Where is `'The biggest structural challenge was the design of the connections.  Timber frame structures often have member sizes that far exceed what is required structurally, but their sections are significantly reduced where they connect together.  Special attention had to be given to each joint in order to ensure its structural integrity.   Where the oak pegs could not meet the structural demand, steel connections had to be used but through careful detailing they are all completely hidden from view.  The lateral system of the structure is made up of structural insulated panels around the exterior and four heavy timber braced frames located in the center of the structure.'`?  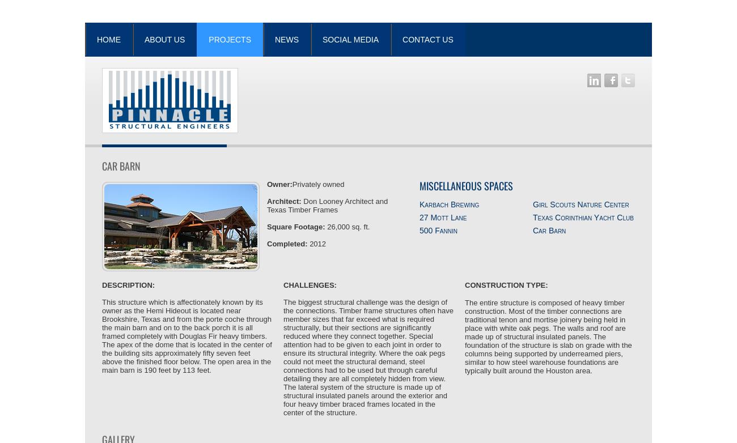
'The biggest structural challenge was the design of the connections.  Timber frame structures often have member sizes that far exceed what is required structurally, but their sections are significantly reduced where they connect together.  Special attention had to be given to each joint in order to ensure its structural integrity.   Where the oak pegs could not meet the structural demand, steel connections had to be used but through careful detailing they are all completely hidden from view.  The lateral system of the structure is made up of structural insulated panels around the exterior and four heavy timber braced frames located in the center of the structure.' is located at coordinates (283, 356).